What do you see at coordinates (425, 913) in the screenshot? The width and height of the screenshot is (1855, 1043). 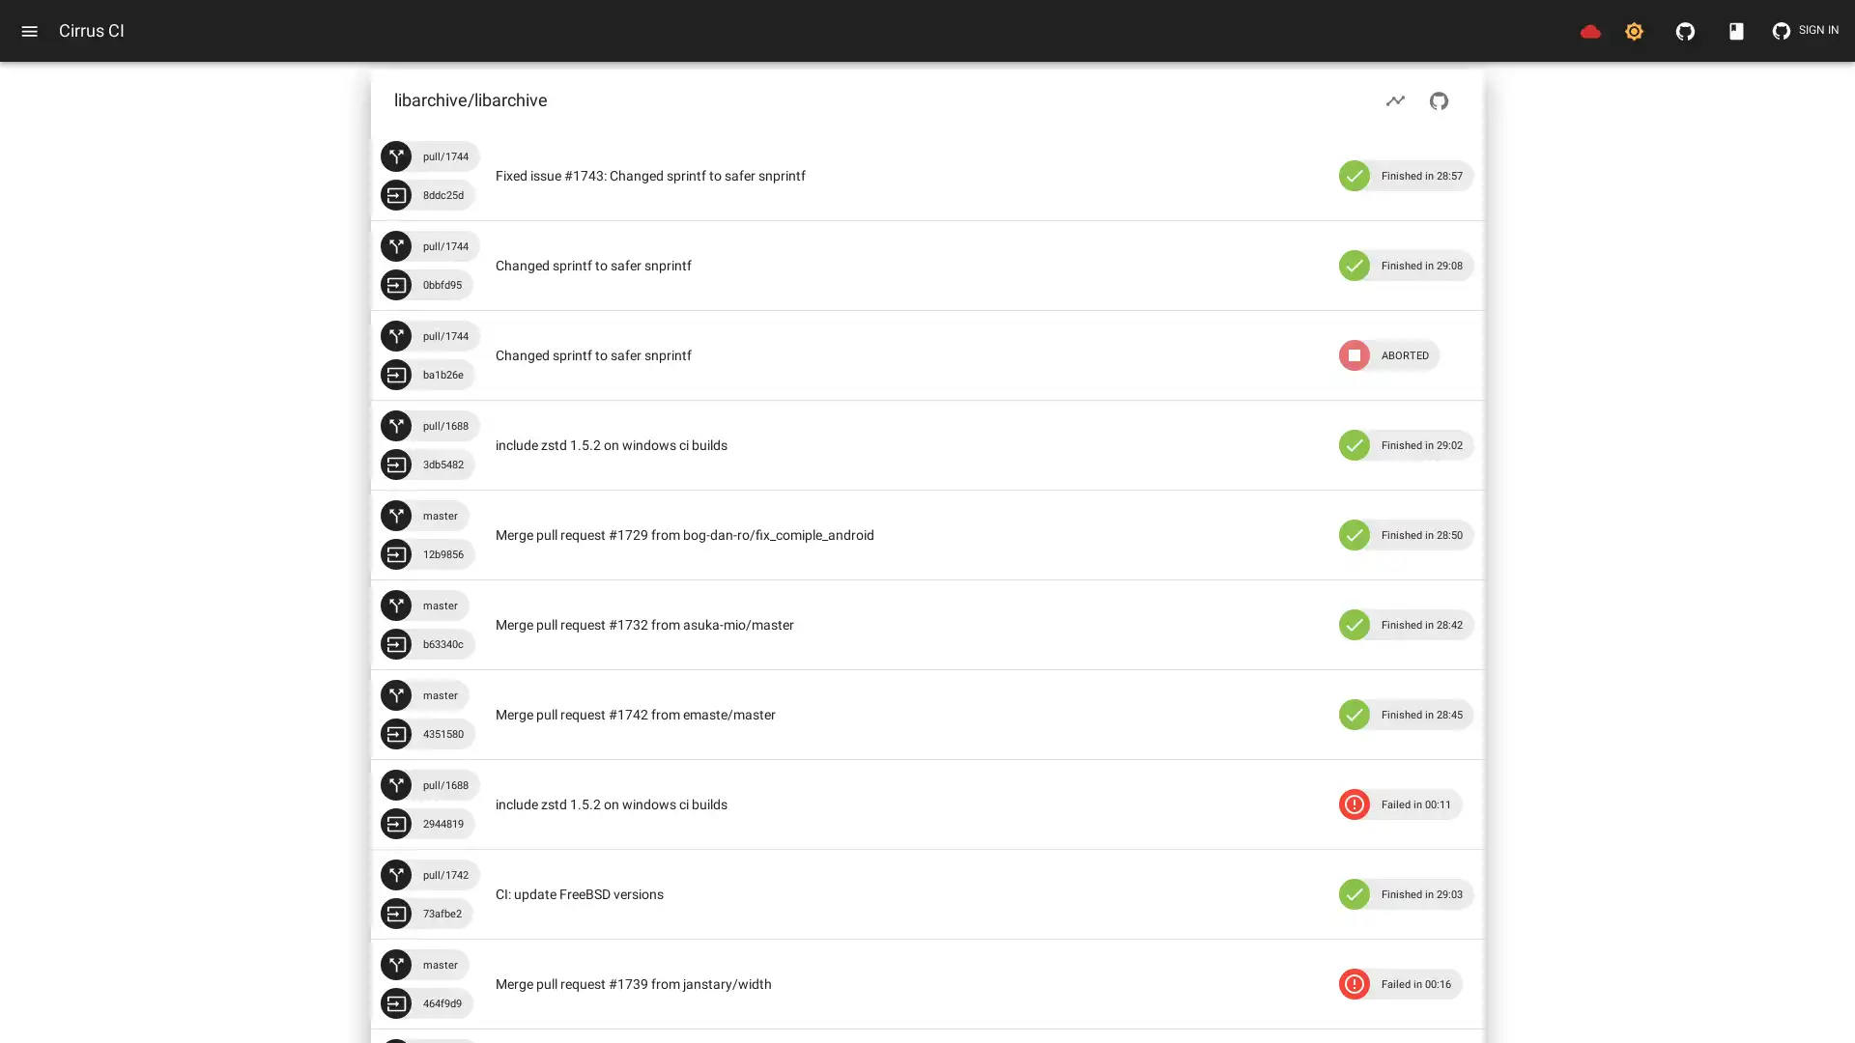 I see `73afbe2` at bounding box center [425, 913].